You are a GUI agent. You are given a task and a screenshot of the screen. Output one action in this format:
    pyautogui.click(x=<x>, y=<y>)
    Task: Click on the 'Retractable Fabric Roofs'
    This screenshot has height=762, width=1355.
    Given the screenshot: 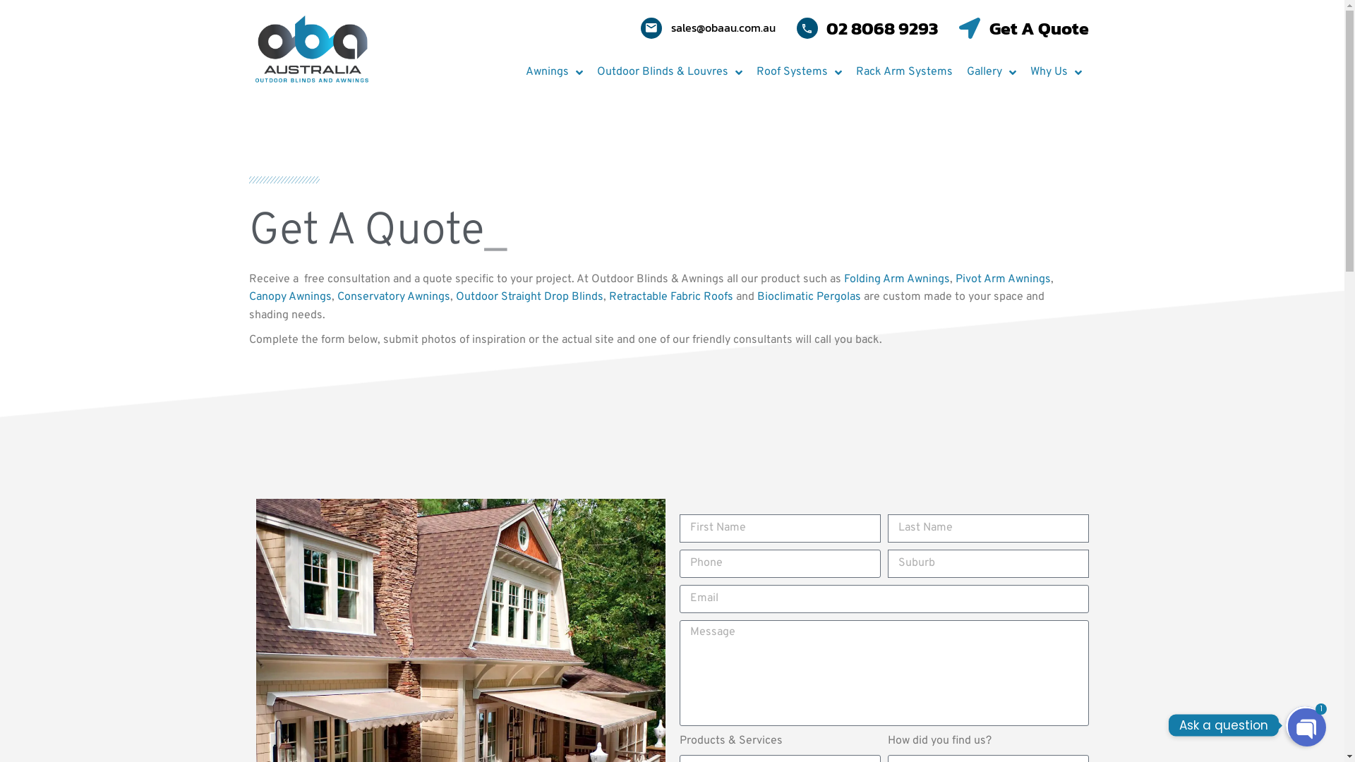 What is the action you would take?
    pyautogui.click(x=608, y=296)
    